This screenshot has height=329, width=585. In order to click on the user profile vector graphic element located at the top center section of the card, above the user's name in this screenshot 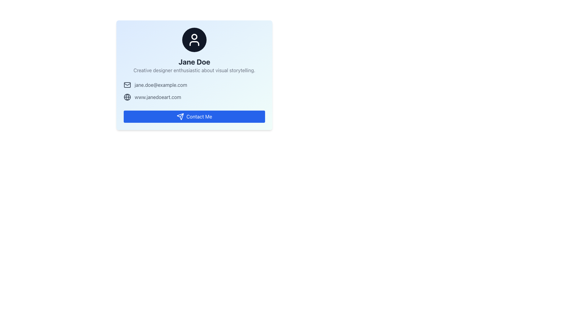, I will do `click(194, 43)`.